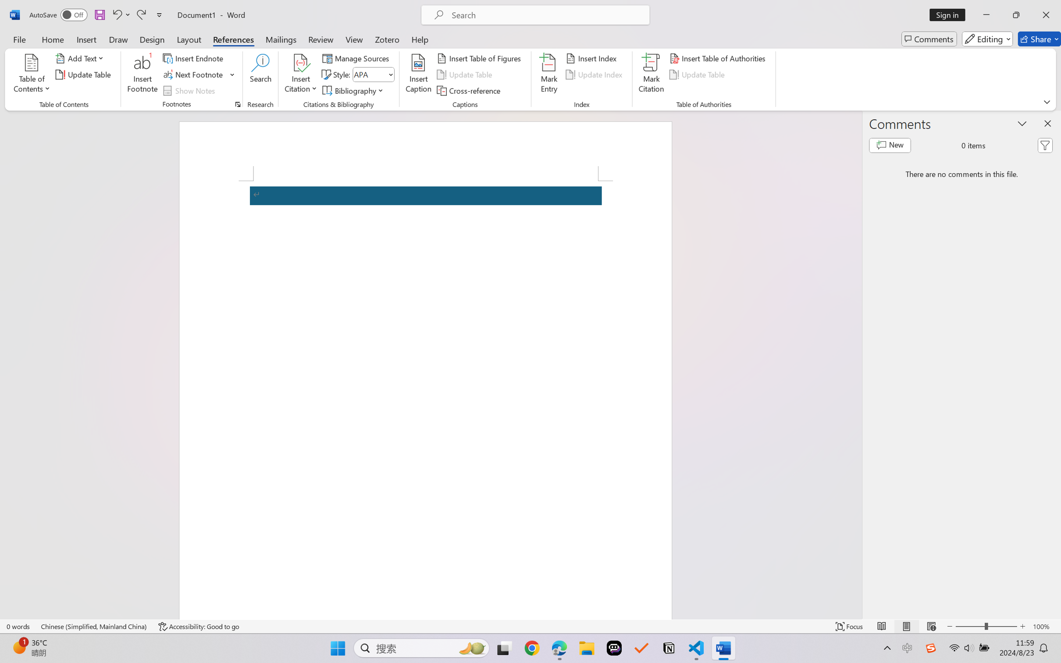  What do you see at coordinates (94, 626) in the screenshot?
I see `'Language Chinese (Simplified, Mainland China)'` at bounding box center [94, 626].